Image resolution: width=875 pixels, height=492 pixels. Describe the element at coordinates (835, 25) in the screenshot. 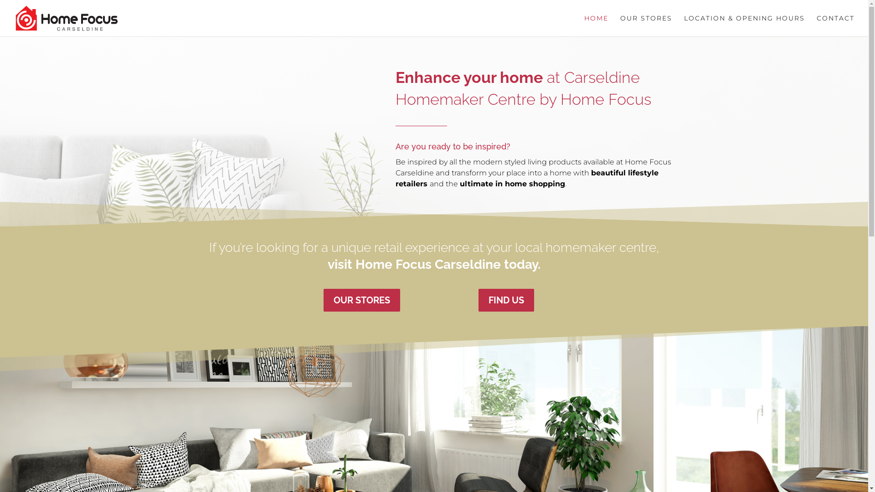

I see `'CONTACT'` at that location.